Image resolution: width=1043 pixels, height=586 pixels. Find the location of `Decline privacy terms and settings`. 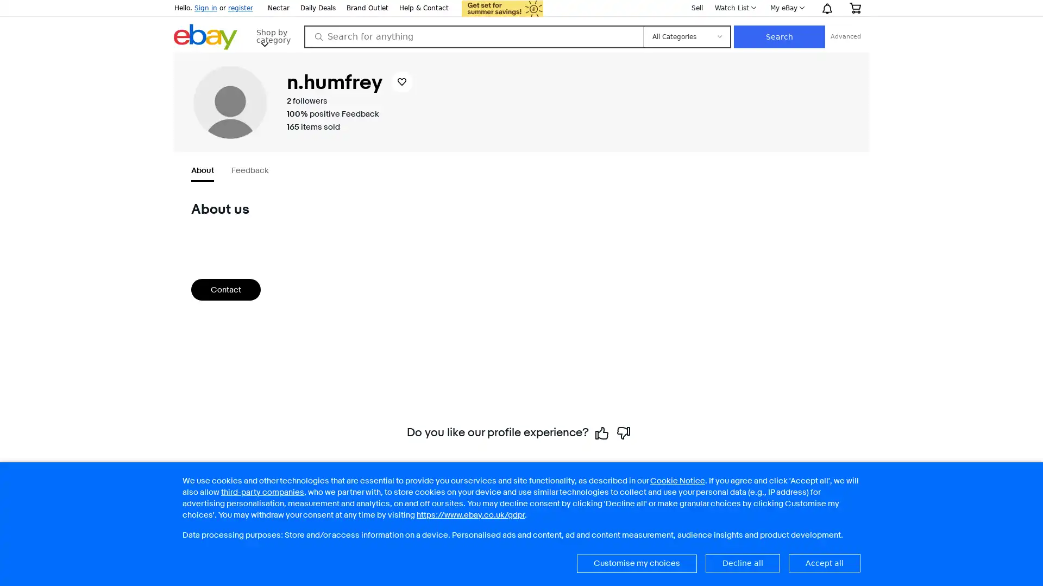

Decline privacy terms and settings is located at coordinates (742, 562).